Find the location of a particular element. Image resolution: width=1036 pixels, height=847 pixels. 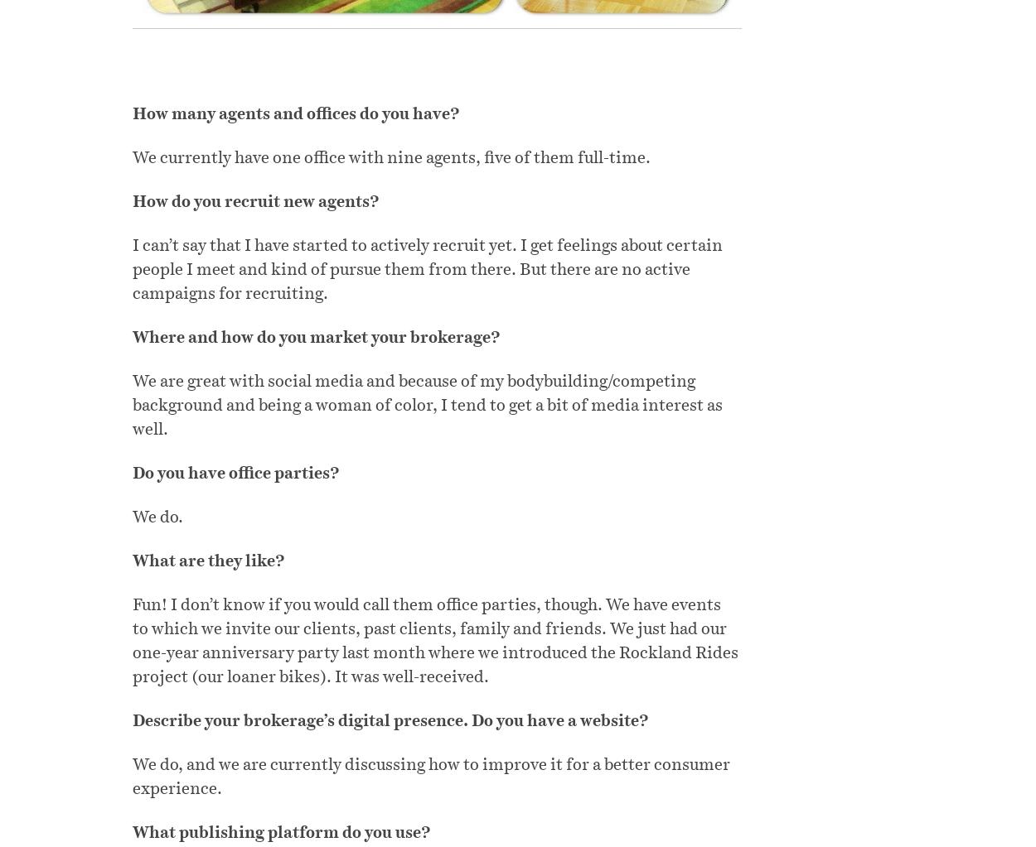

'We do.' is located at coordinates (157, 516).